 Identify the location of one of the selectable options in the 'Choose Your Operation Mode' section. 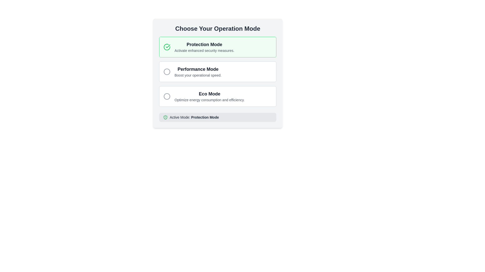
(218, 73).